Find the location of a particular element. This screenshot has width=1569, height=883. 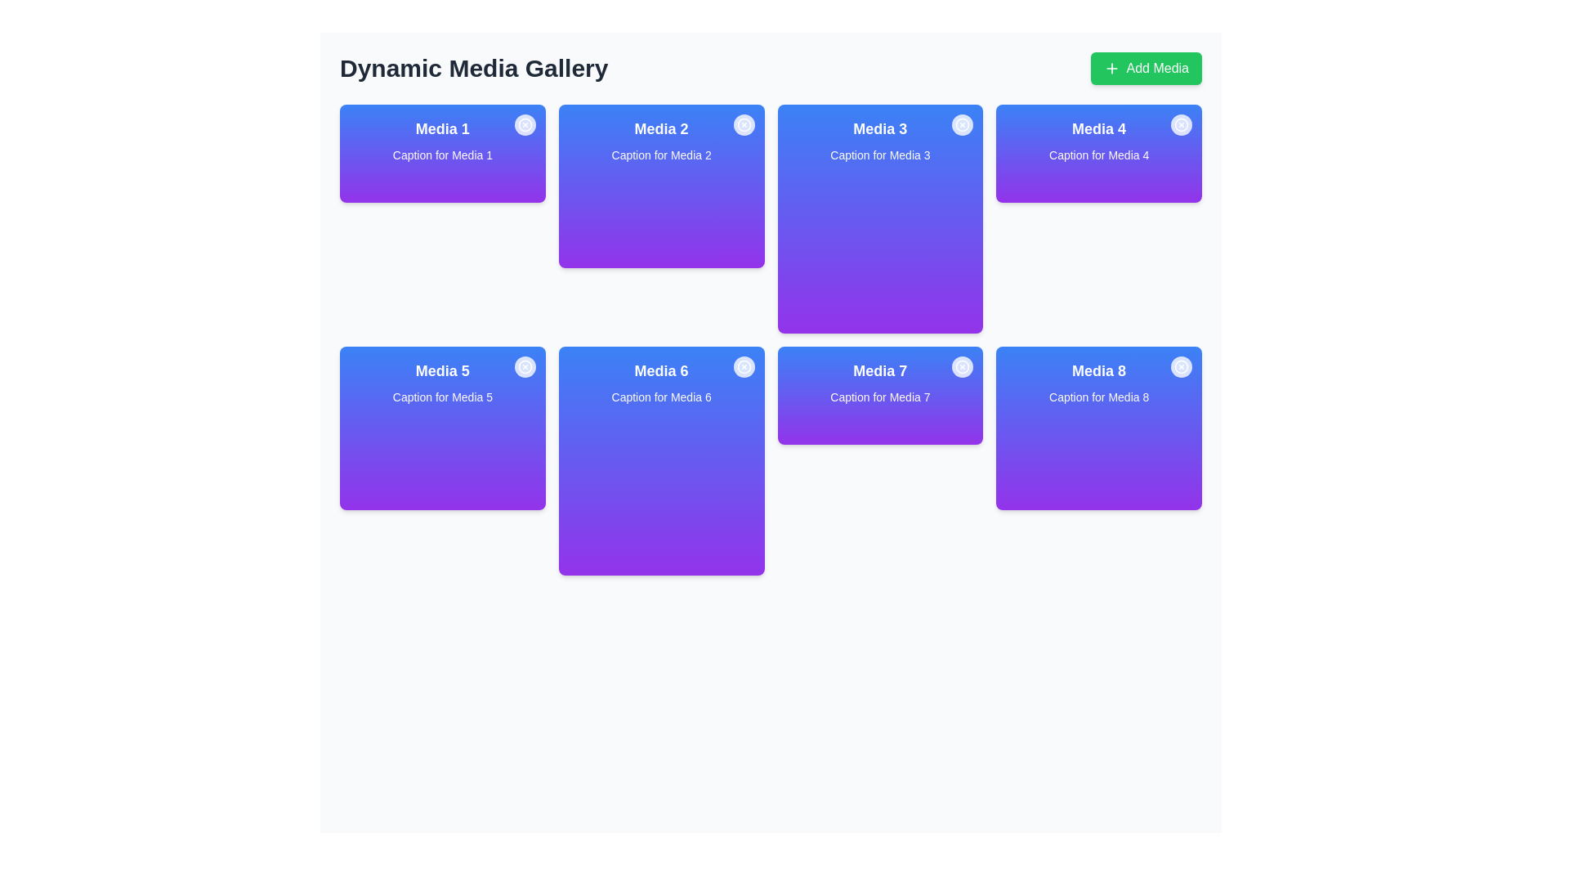

the SVG circle graphic representing an alert or deletion feature located in the upper-right corner of the 'Media 2' card is located at coordinates (743, 124).